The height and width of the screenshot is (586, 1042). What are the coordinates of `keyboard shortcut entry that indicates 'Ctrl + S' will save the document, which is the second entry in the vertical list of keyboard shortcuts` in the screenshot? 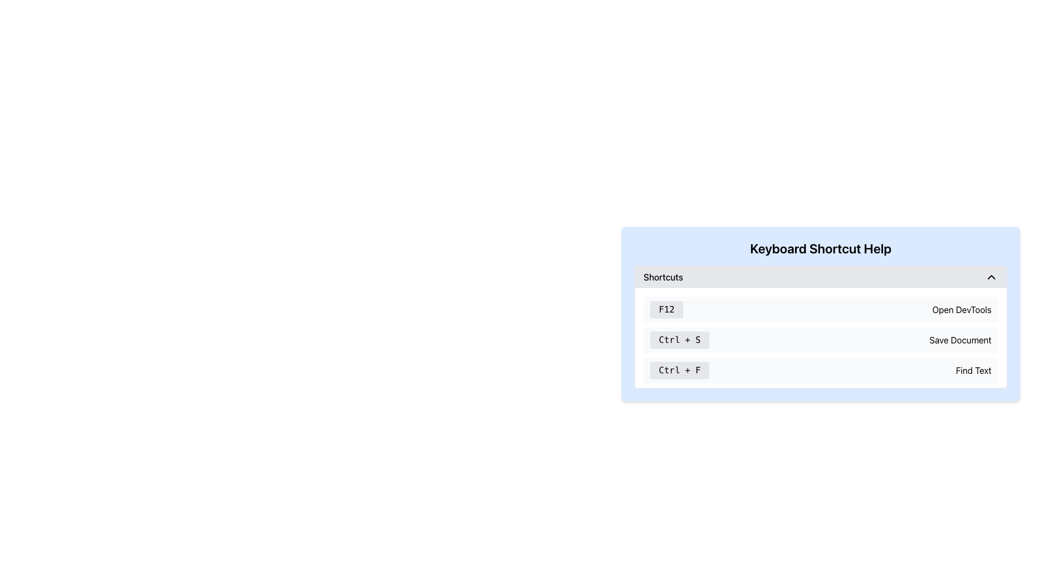 It's located at (821, 340).